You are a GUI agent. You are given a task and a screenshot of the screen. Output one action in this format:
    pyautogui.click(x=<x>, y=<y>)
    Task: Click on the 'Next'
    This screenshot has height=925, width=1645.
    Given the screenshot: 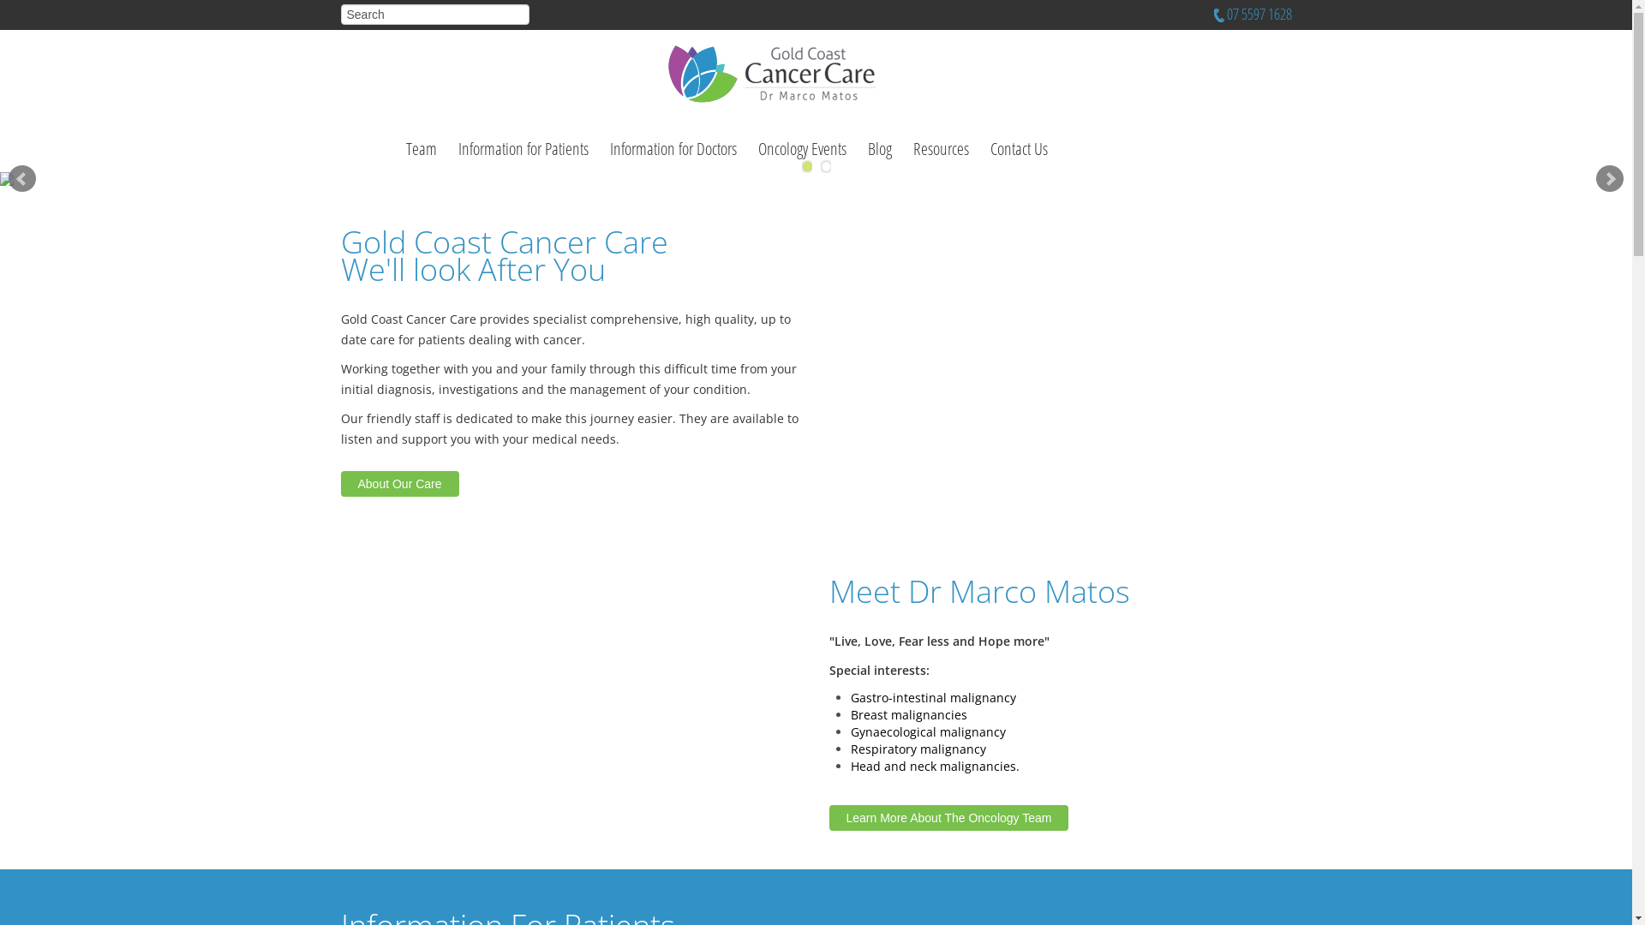 What is the action you would take?
    pyautogui.click(x=1594, y=178)
    